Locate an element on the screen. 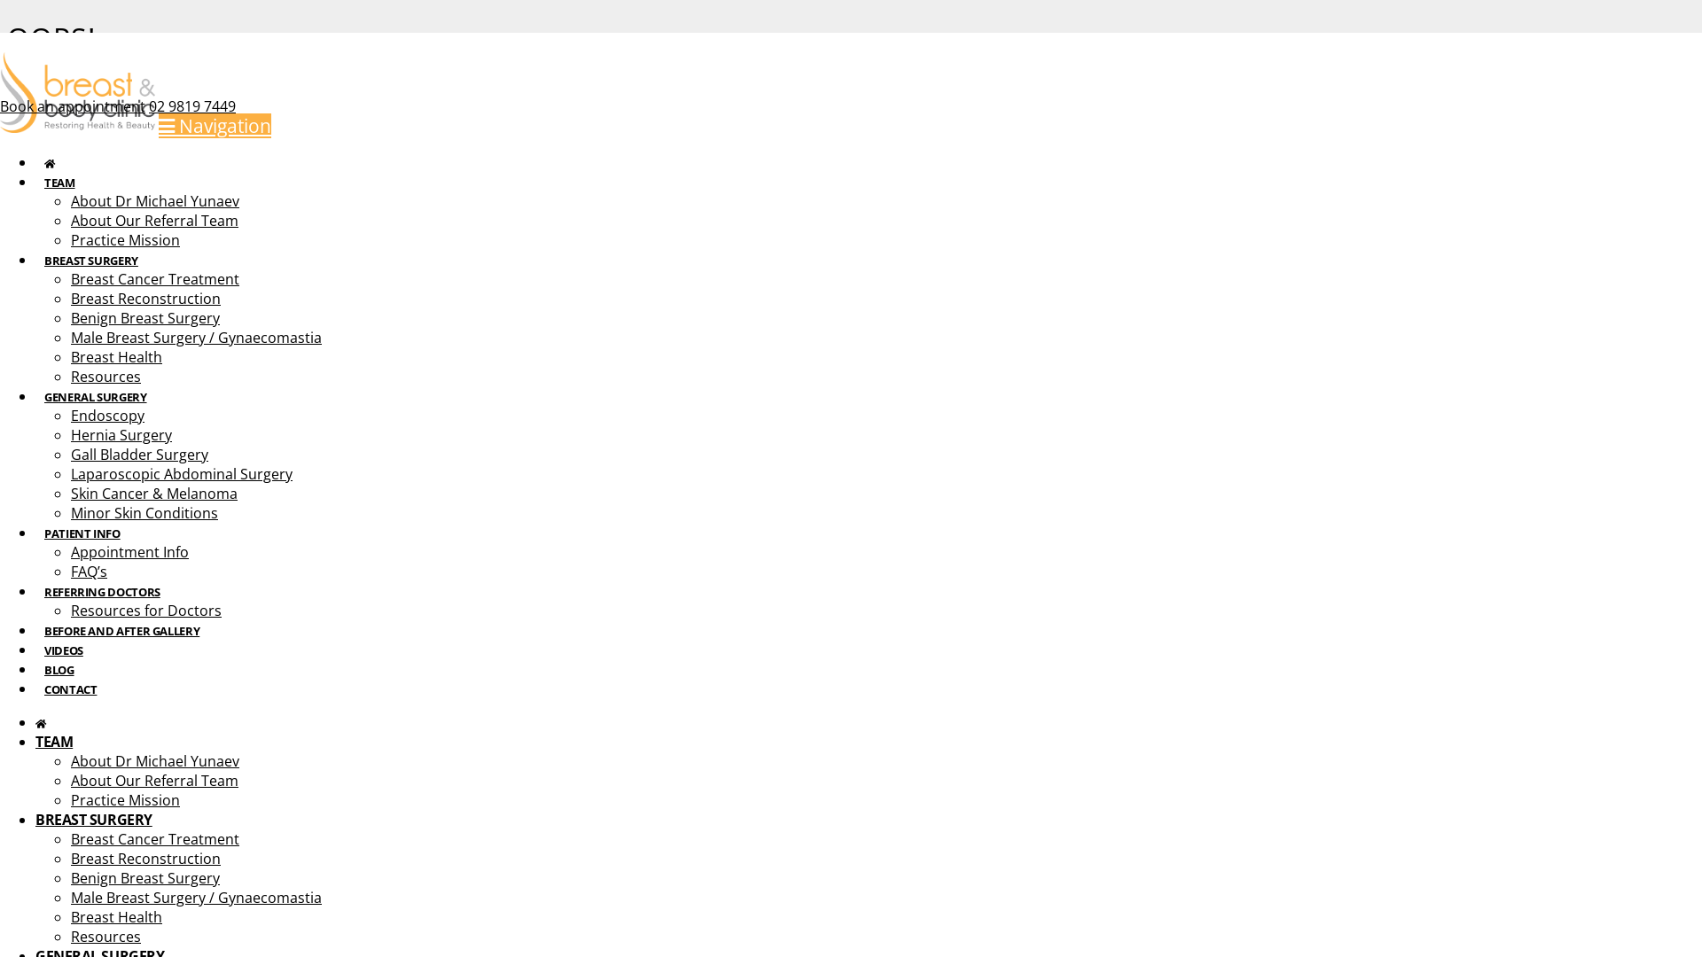 This screenshot has width=1702, height=957. '02 9819 7449' is located at coordinates (191, 105).